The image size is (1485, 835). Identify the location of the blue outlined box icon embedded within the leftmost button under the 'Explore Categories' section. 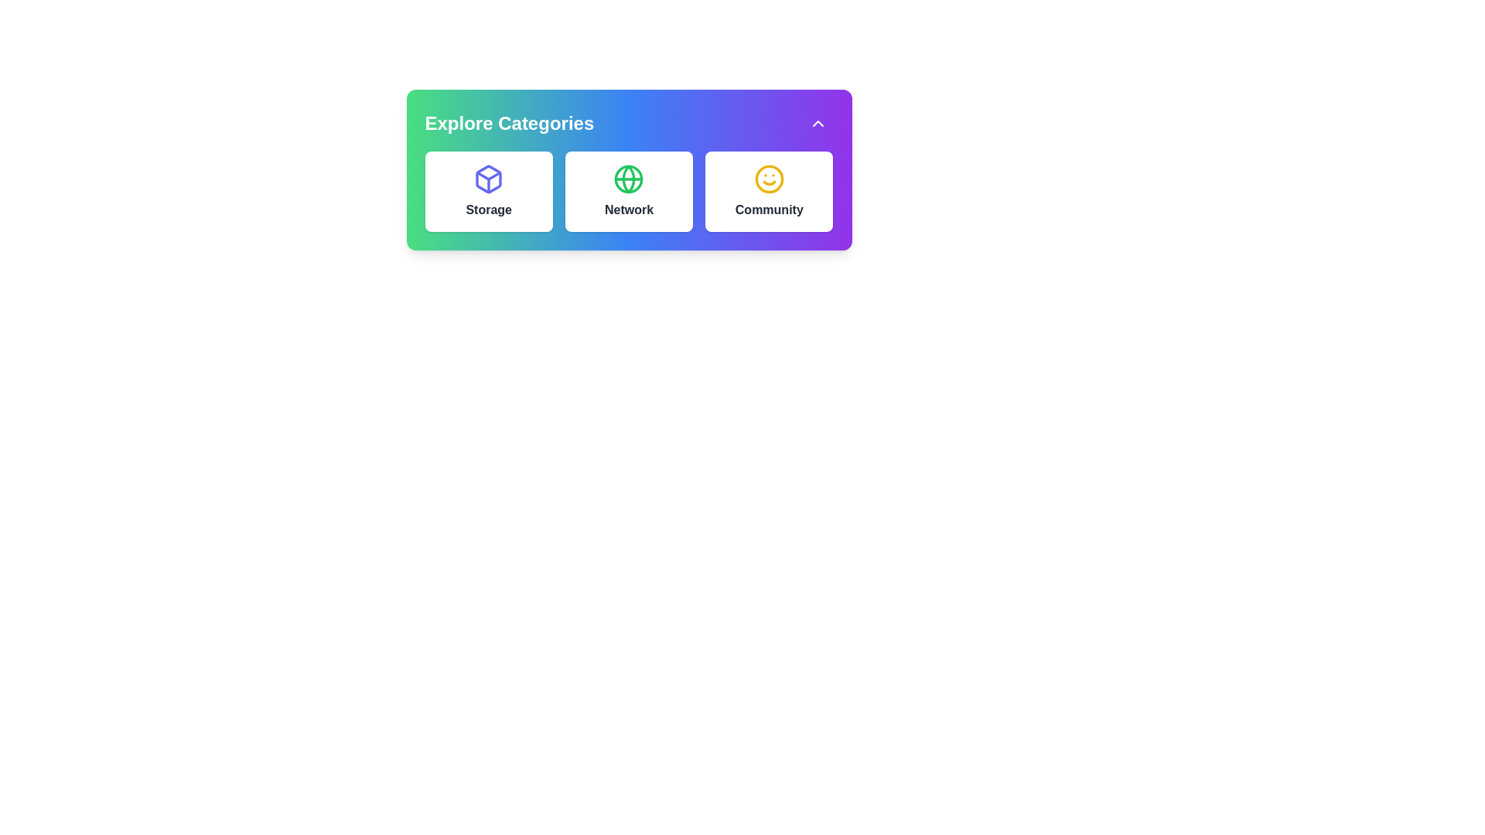
(488, 178).